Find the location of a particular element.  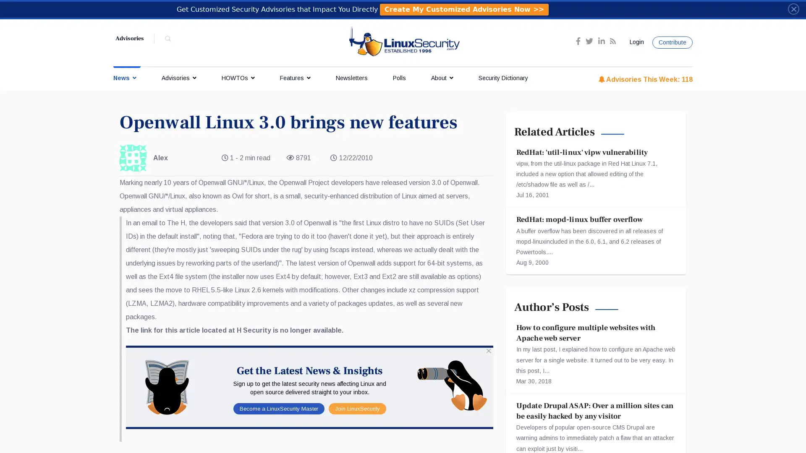

Login is located at coordinates (635, 42).